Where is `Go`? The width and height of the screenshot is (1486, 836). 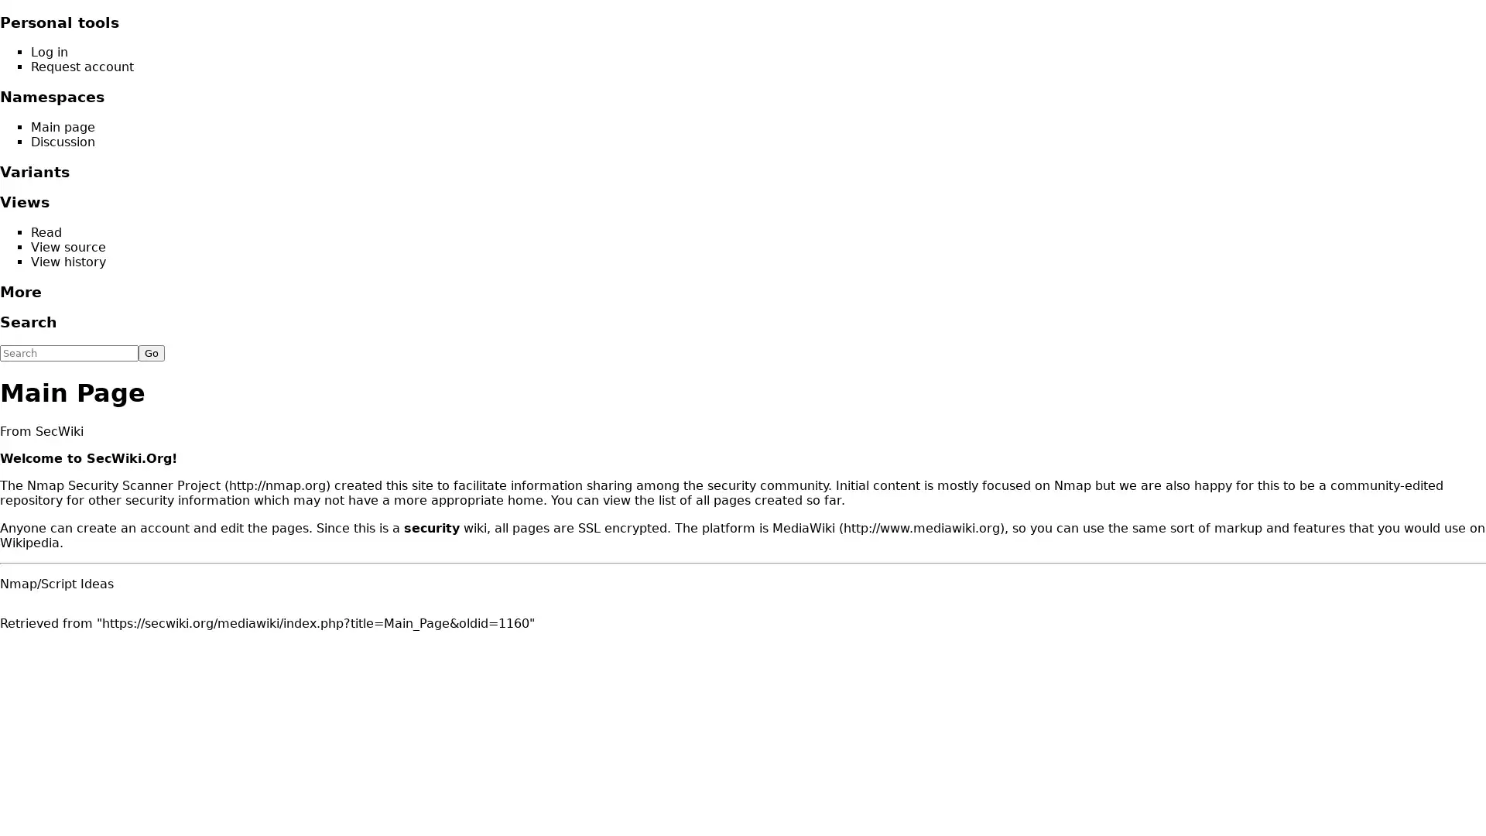 Go is located at coordinates (152, 353).